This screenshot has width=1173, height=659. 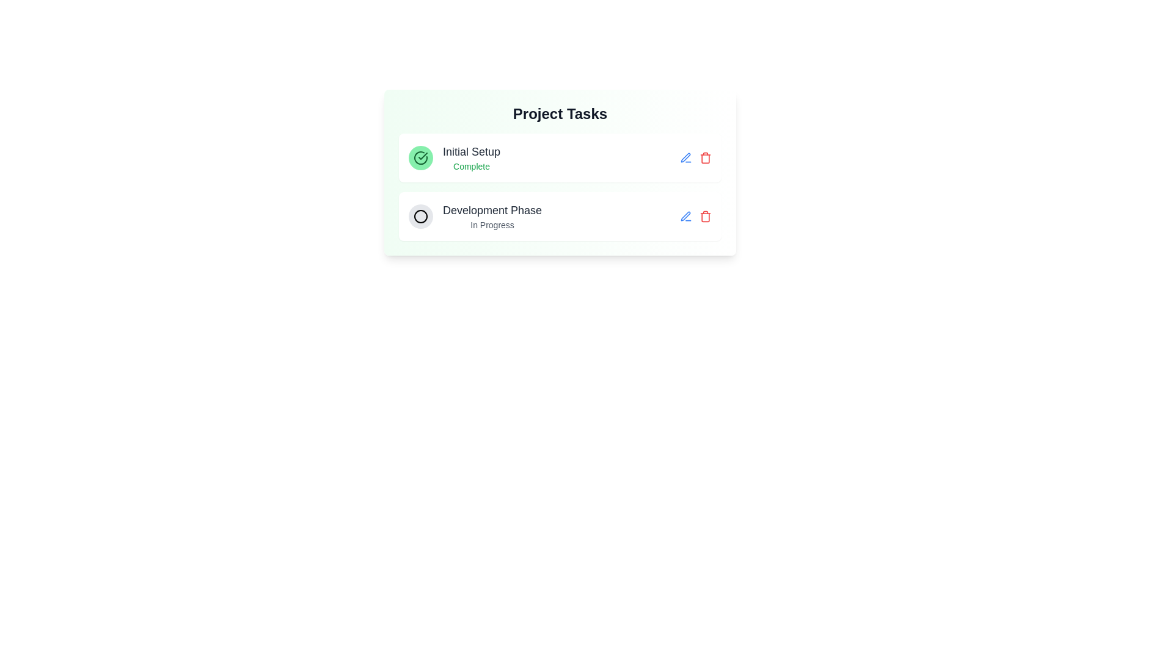 I want to click on text information displayed in the 'Development Phase' status indicator, which shows 'In Progress', so click(x=474, y=215).